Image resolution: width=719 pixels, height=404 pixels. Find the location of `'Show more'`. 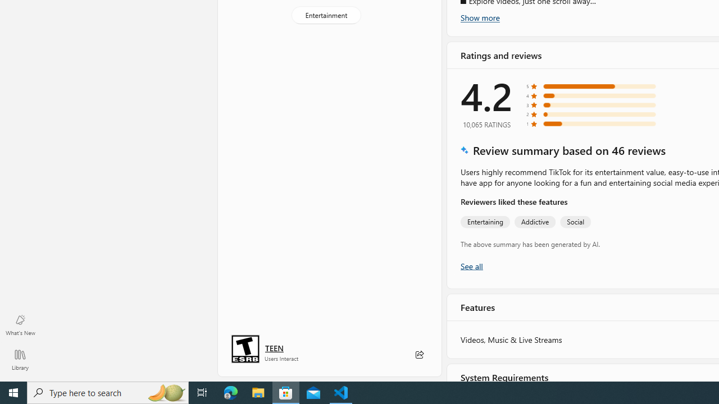

'Show more' is located at coordinates (480, 17).